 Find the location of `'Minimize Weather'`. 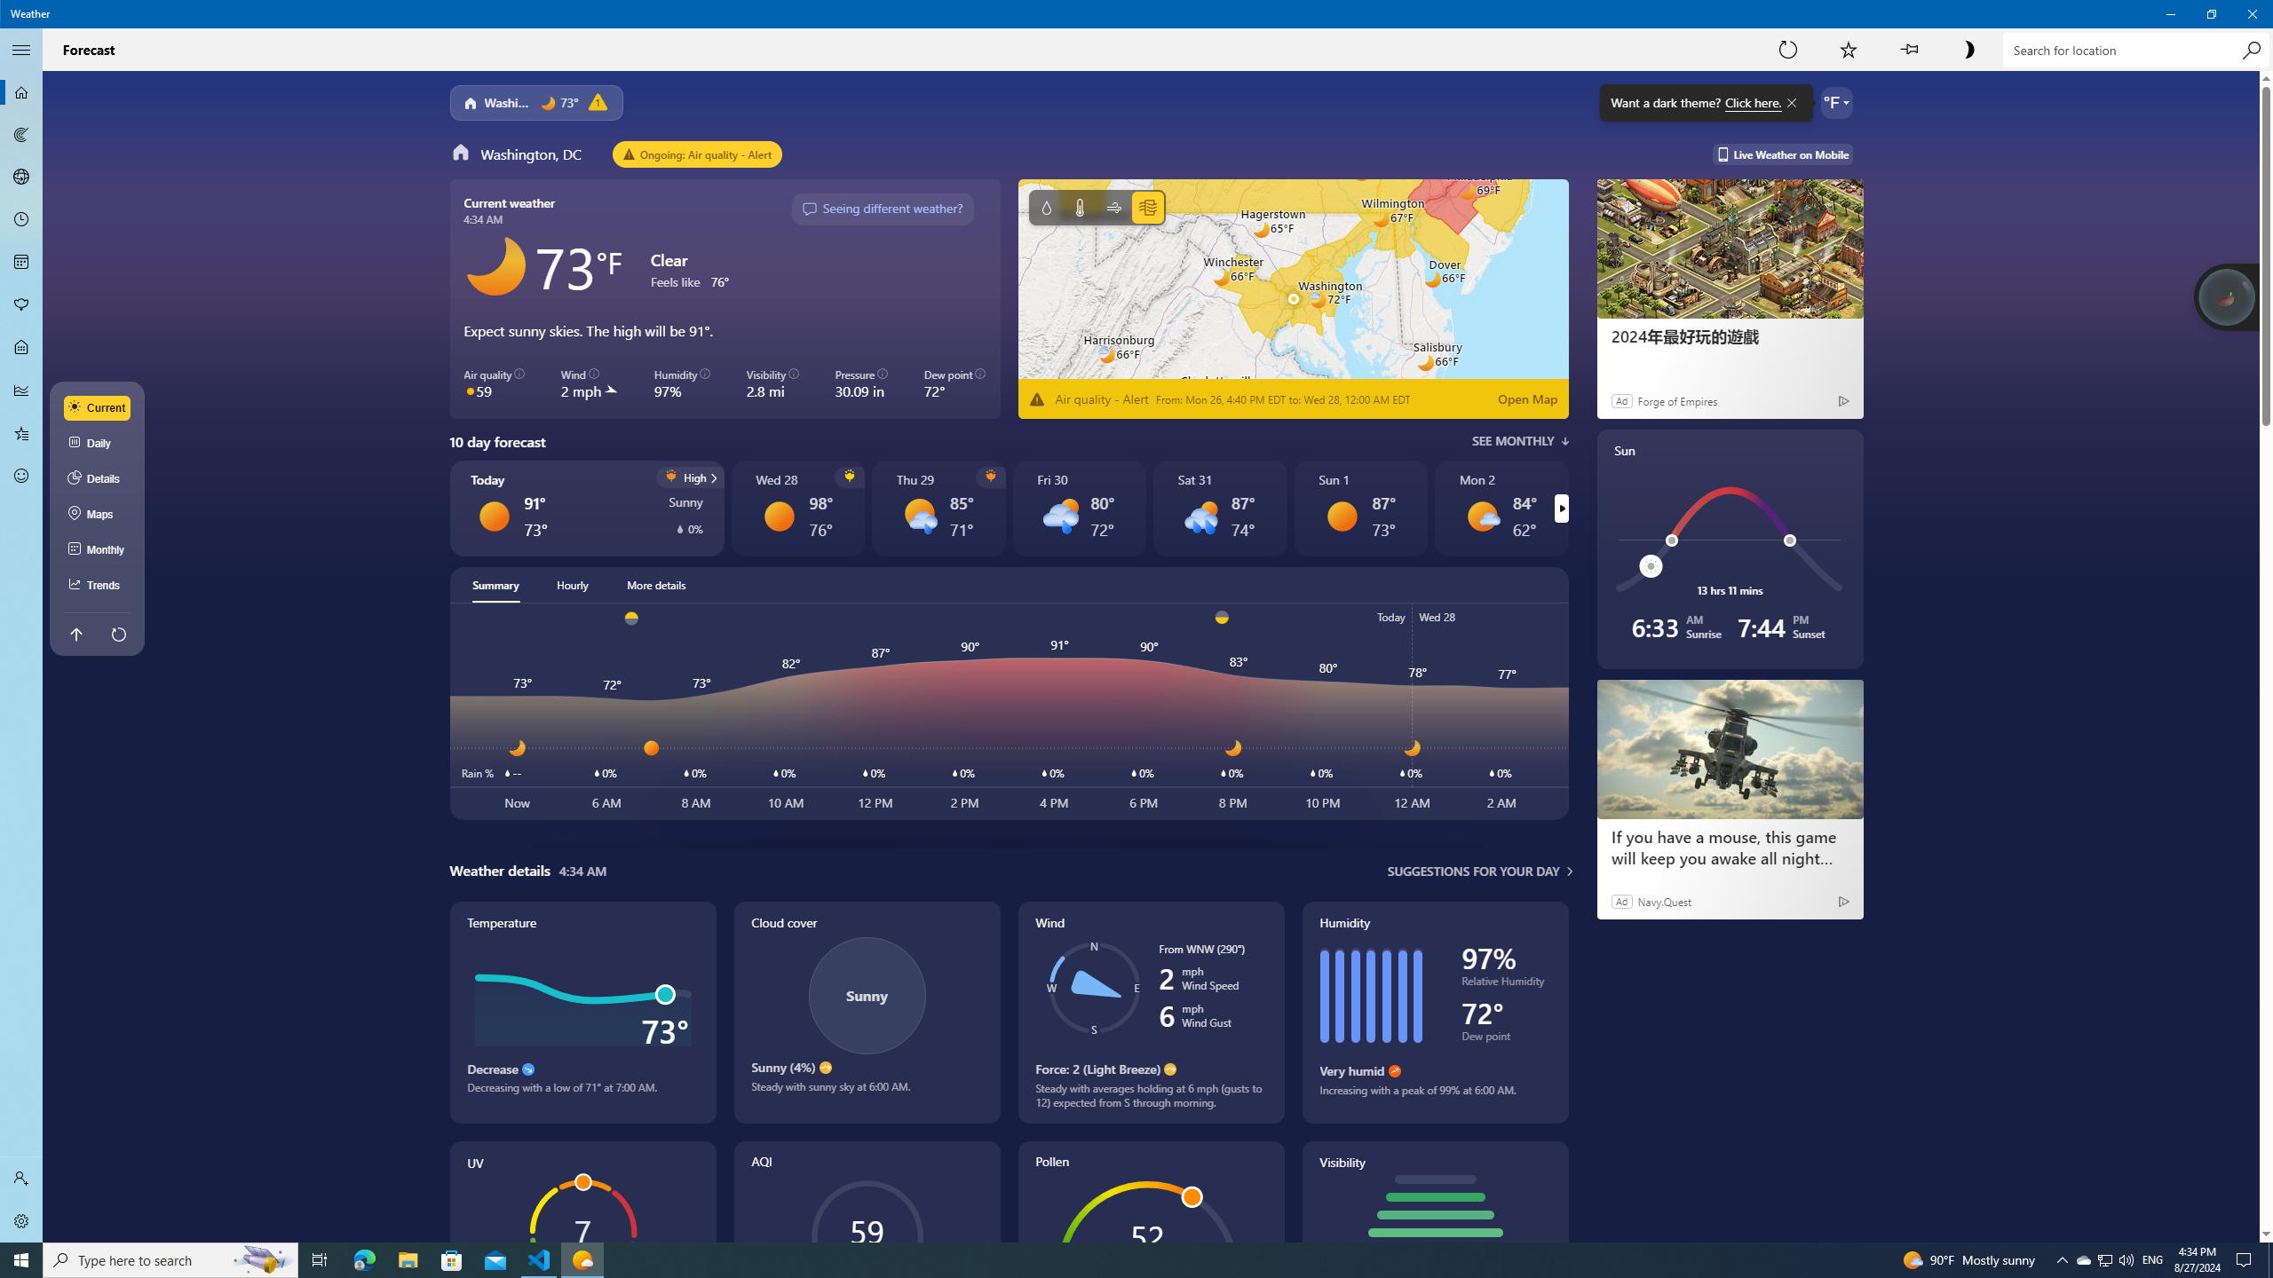

'Minimize Weather' is located at coordinates (2169, 13).